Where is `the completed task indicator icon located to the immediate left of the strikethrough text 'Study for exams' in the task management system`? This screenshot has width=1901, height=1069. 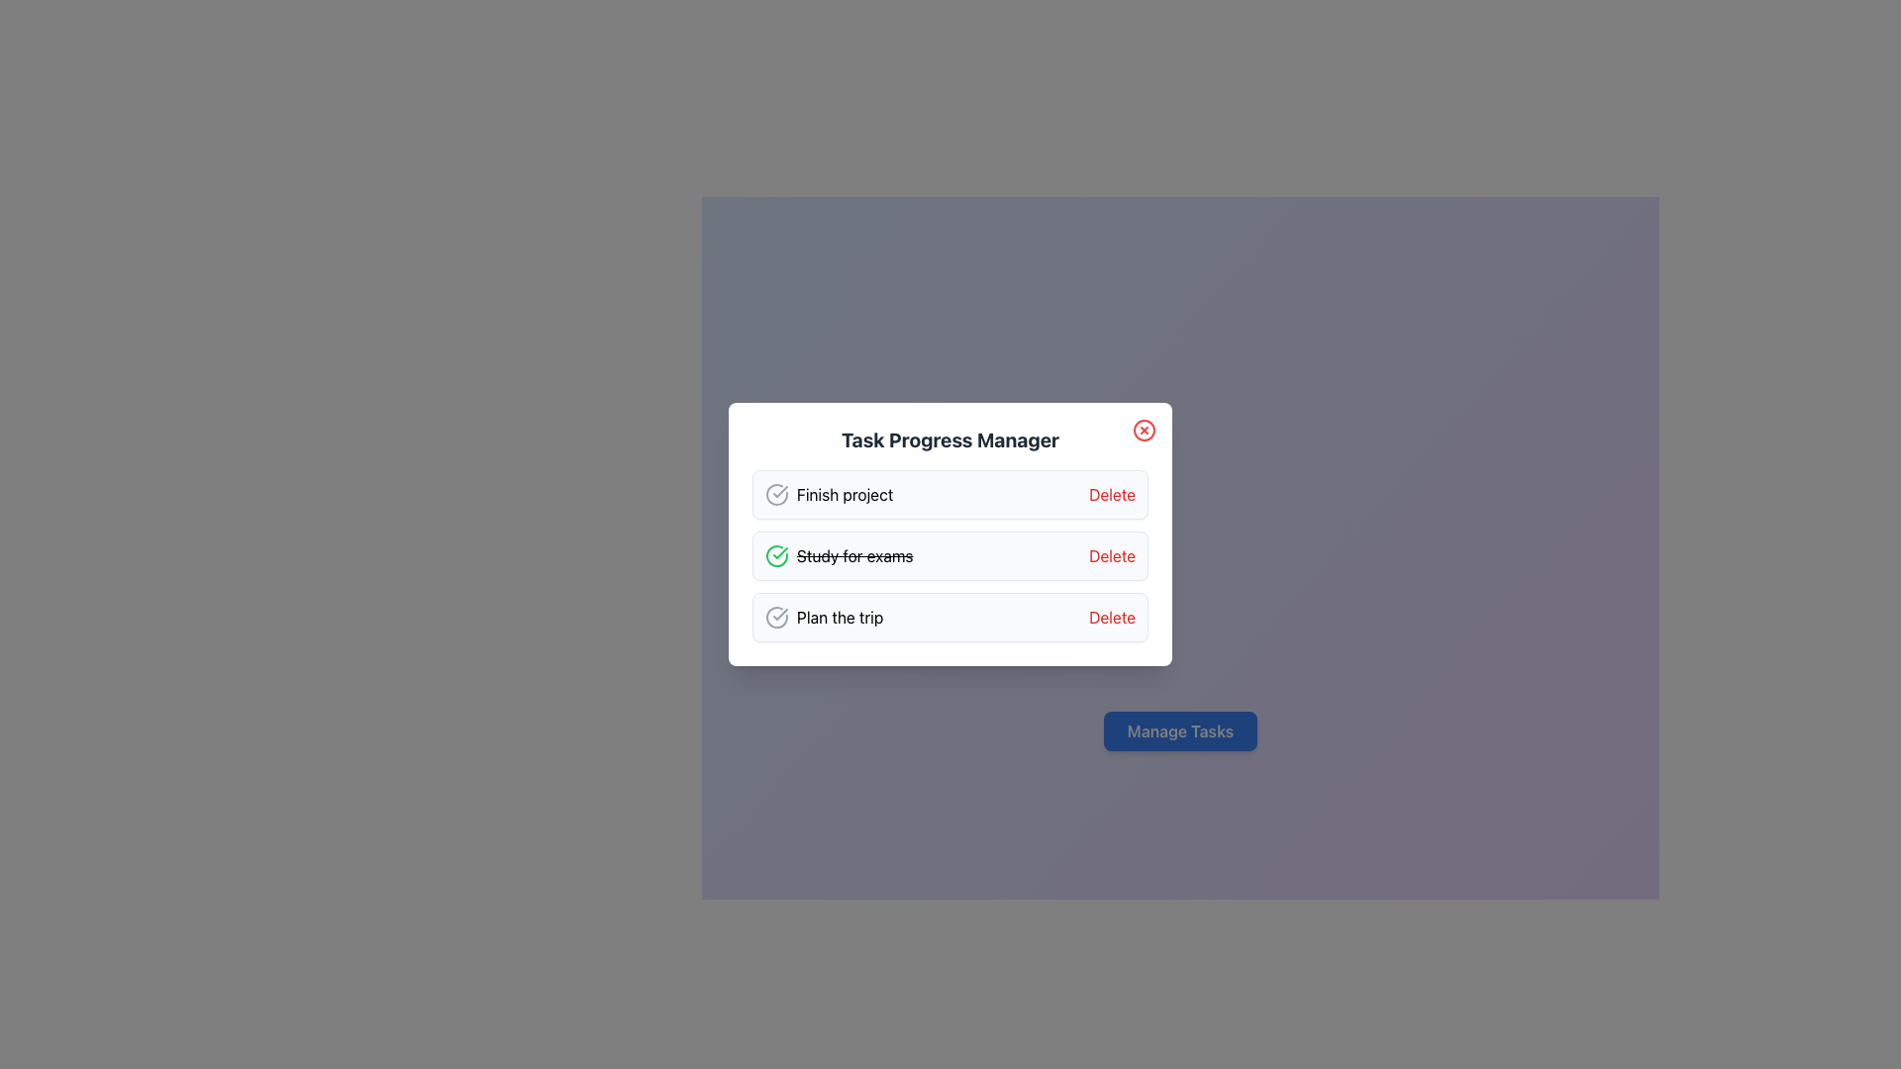
the completed task indicator icon located to the immediate left of the strikethrough text 'Study for exams' in the task management system is located at coordinates (776, 556).